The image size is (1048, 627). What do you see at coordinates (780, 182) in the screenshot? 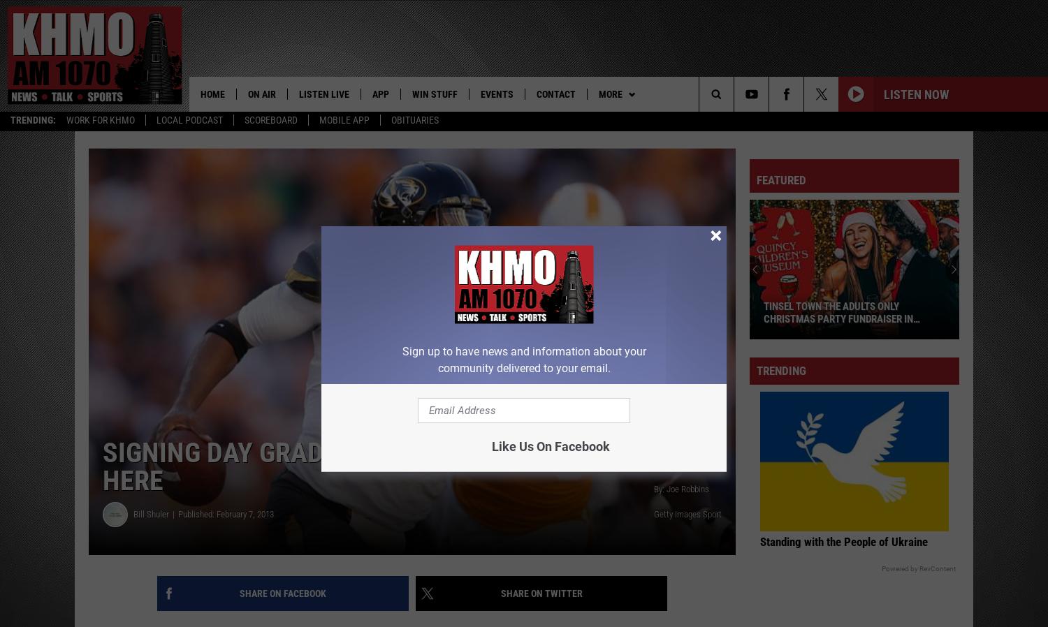
I see `'Featured'` at bounding box center [780, 182].